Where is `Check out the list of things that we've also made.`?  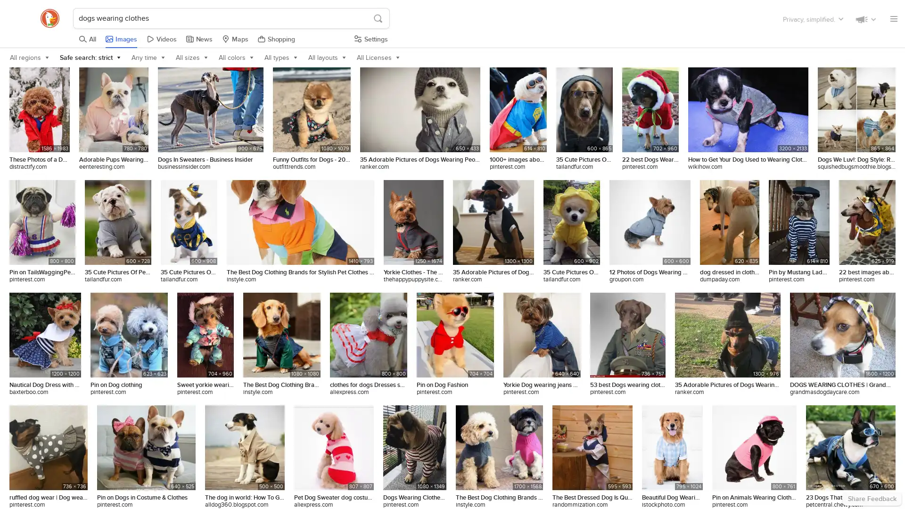 Check out the list of things that we've also made. is located at coordinates (808, 19).